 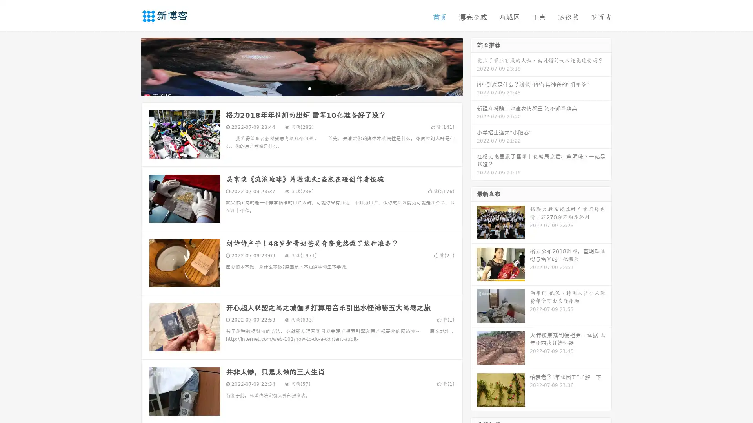 I want to click on Next slide, so click(x=474, y=66).